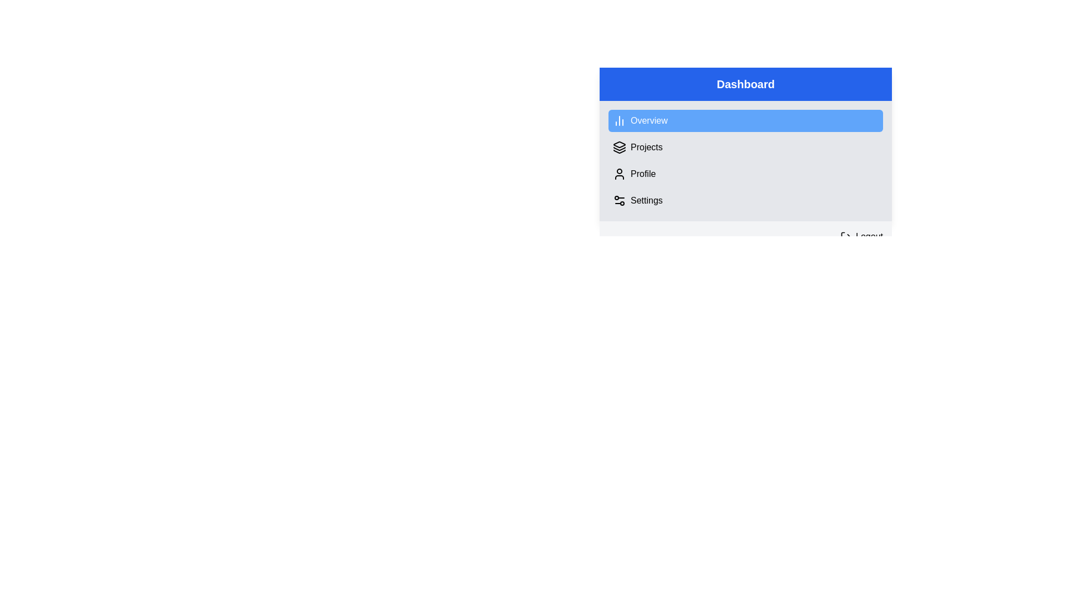 The width and height of the screenshot is (1065, 599). Describe the element at coordinates (619, 121) in the screenshot. I see `the graphical icon representing the 'Overview' section, located in the upper-left portion of the button group under the 'Dashboard' heading` at that location.